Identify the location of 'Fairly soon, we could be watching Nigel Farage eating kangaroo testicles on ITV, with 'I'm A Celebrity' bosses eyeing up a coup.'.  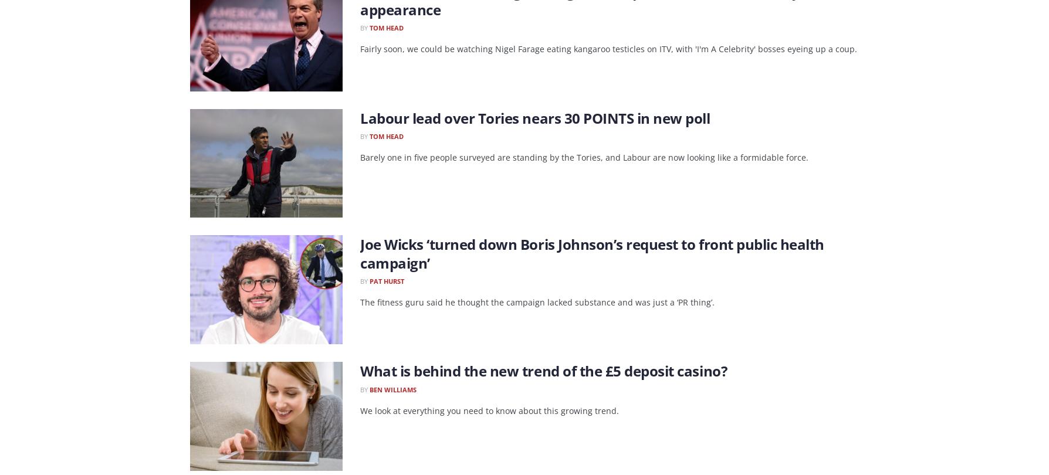
(608, 49).